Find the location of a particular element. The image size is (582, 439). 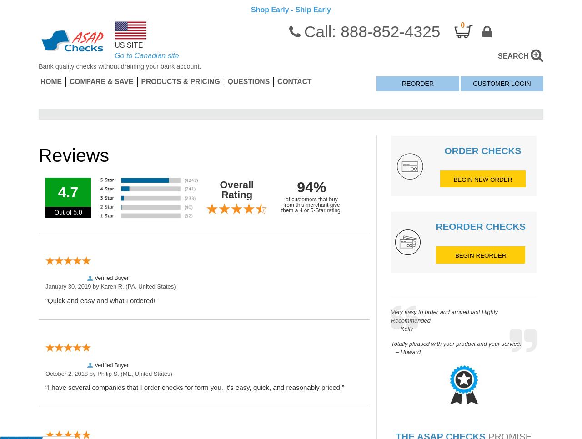

'0' is located at coordinates (462, 25).